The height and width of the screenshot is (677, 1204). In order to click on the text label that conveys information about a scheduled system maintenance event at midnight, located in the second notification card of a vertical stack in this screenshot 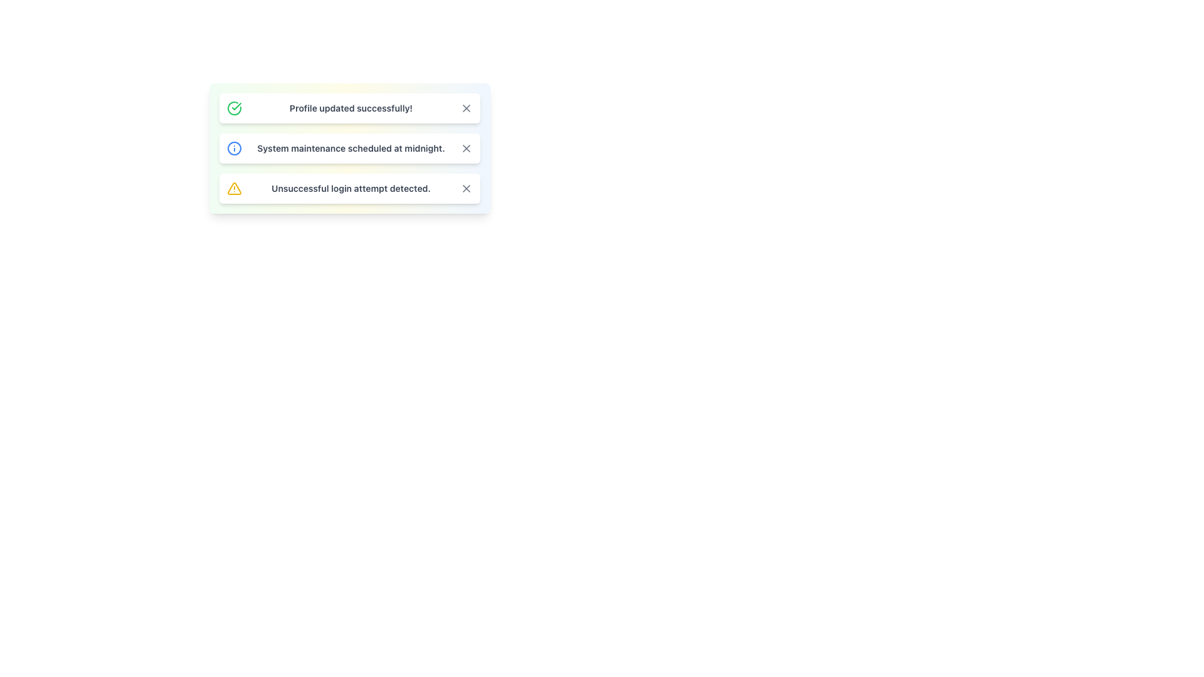, I will do `click(351, 147)`.